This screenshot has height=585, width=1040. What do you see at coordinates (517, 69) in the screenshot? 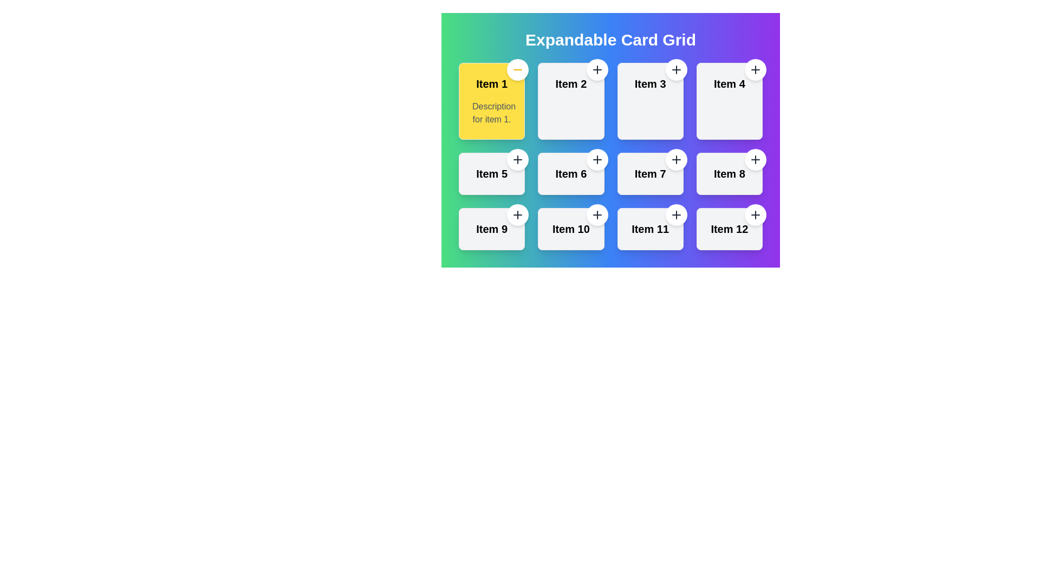
I see `the circular icon button with a white background and a yellow horizontal line resembling a minus symbol located at the top-right corner of the card labeled 'Item 1'` at bounding box center [517, 69].